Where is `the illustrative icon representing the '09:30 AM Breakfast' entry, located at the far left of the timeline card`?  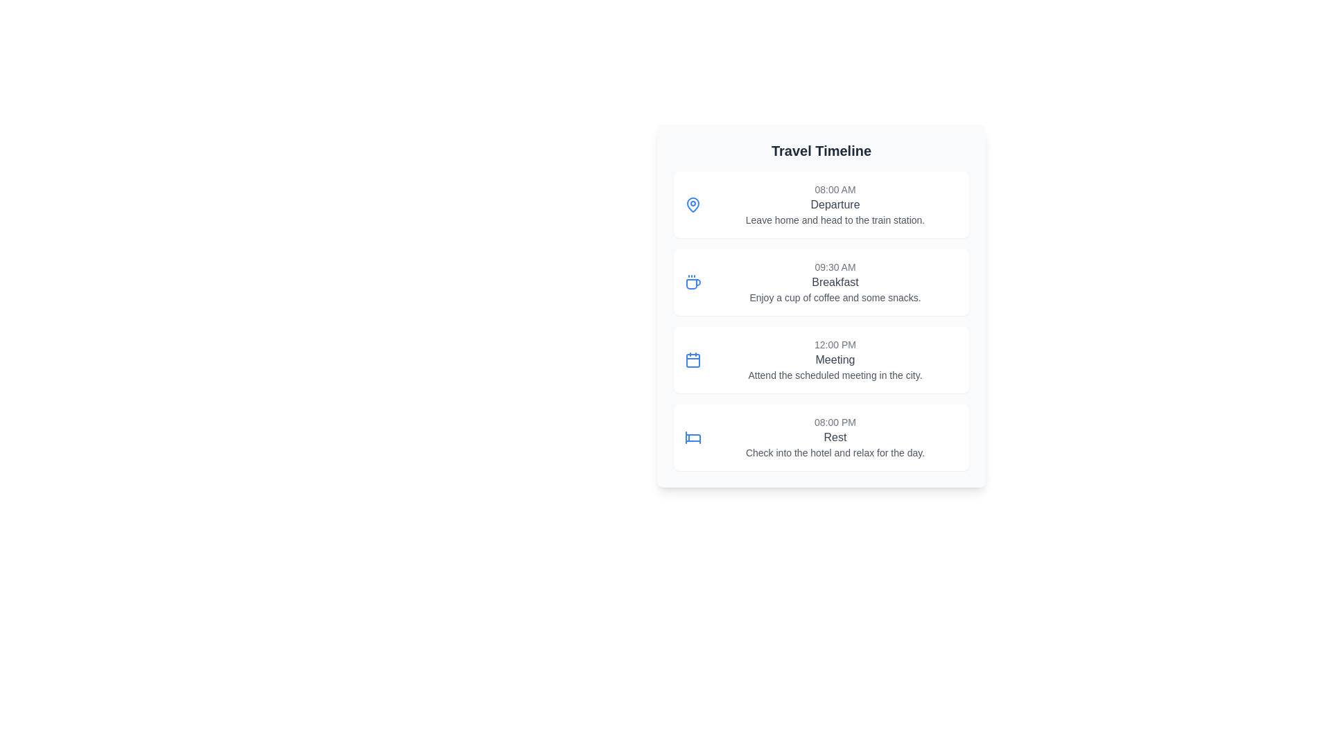
the illustrative icon representing the '09:30 AM Breakfast' entry, located at the far left of the timeline card is located at coordinates (693, 282).